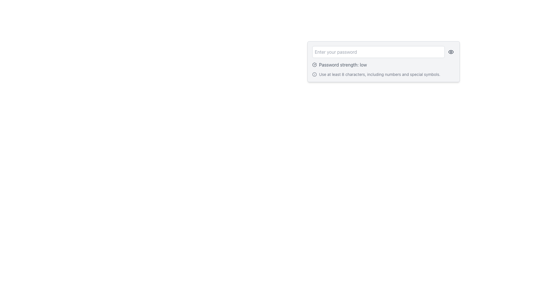 The height and width of the screenshot is (307, 546). Describe the element at coordinates (450, 52) in the screenshot. I see `the icon button located on the right side of the password input field` at that location.